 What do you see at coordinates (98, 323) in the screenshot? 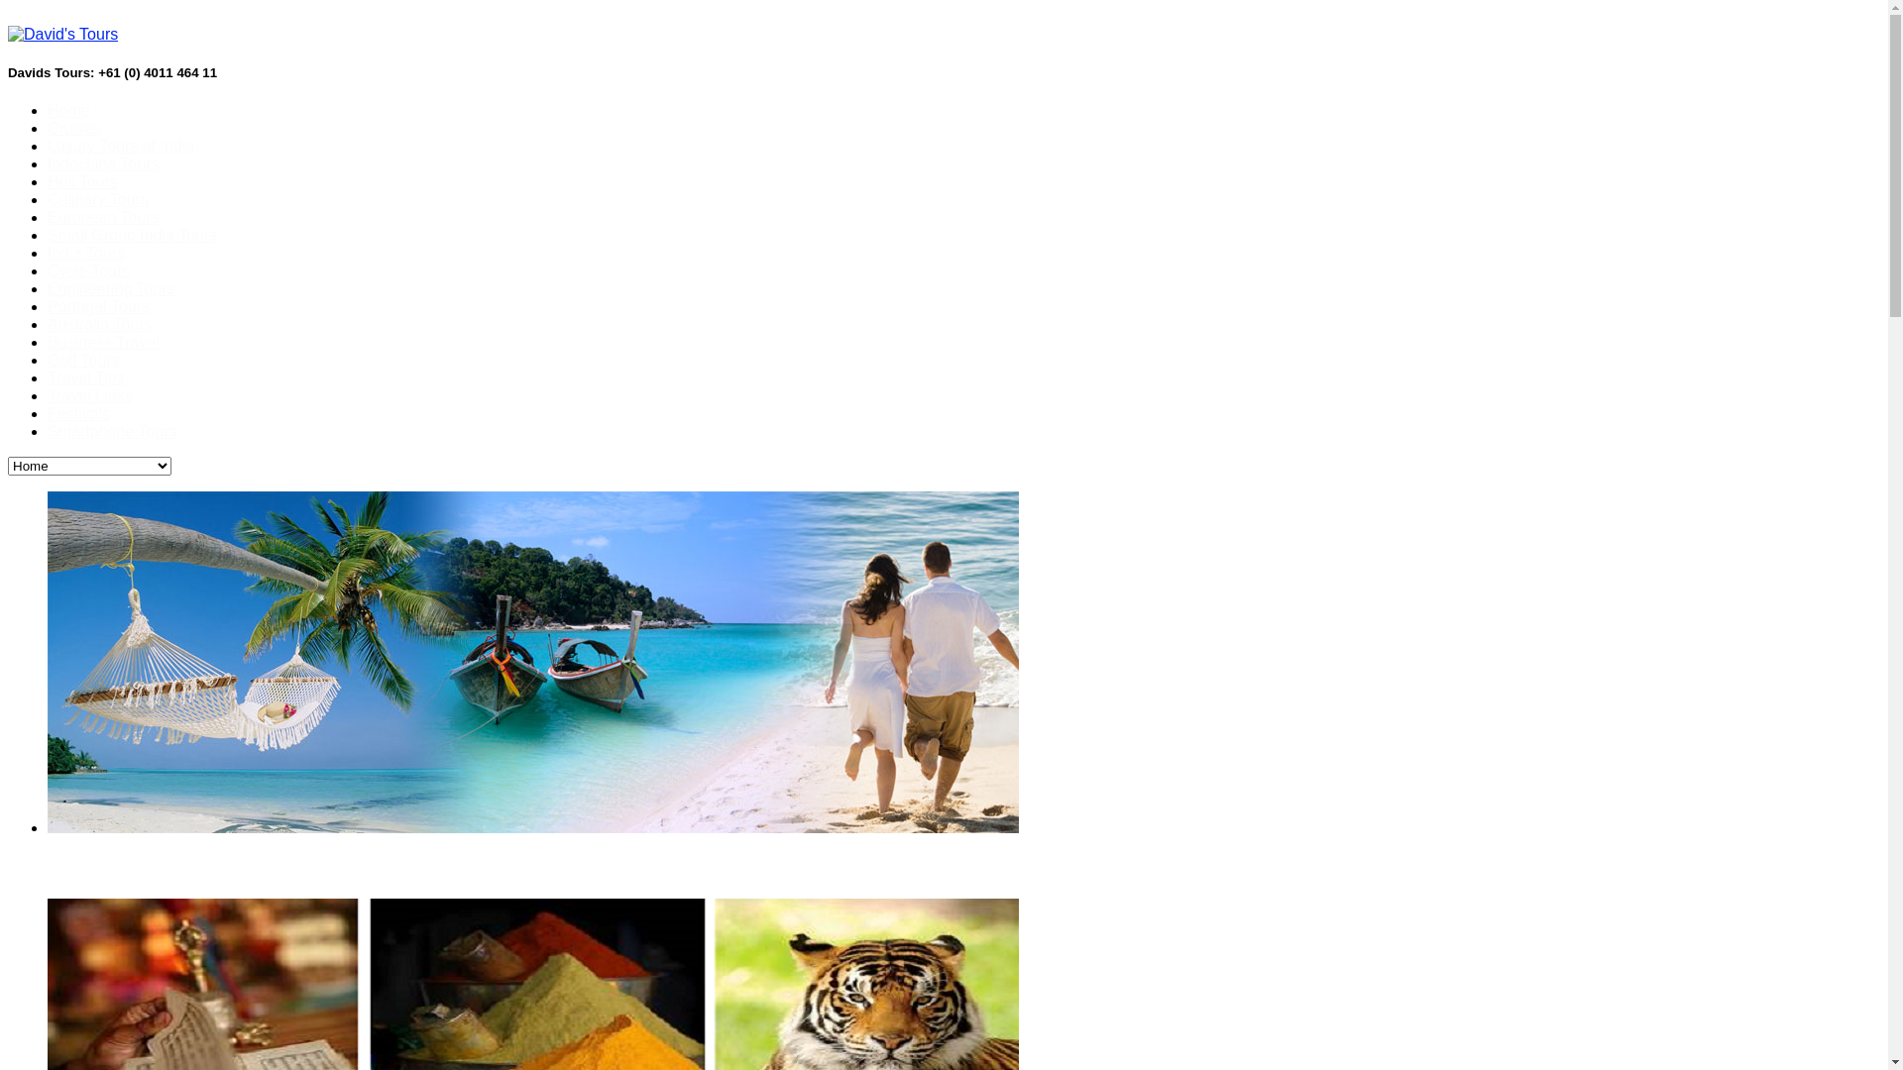
I see `'Australia Tours'` at bounding box center [98, 323].